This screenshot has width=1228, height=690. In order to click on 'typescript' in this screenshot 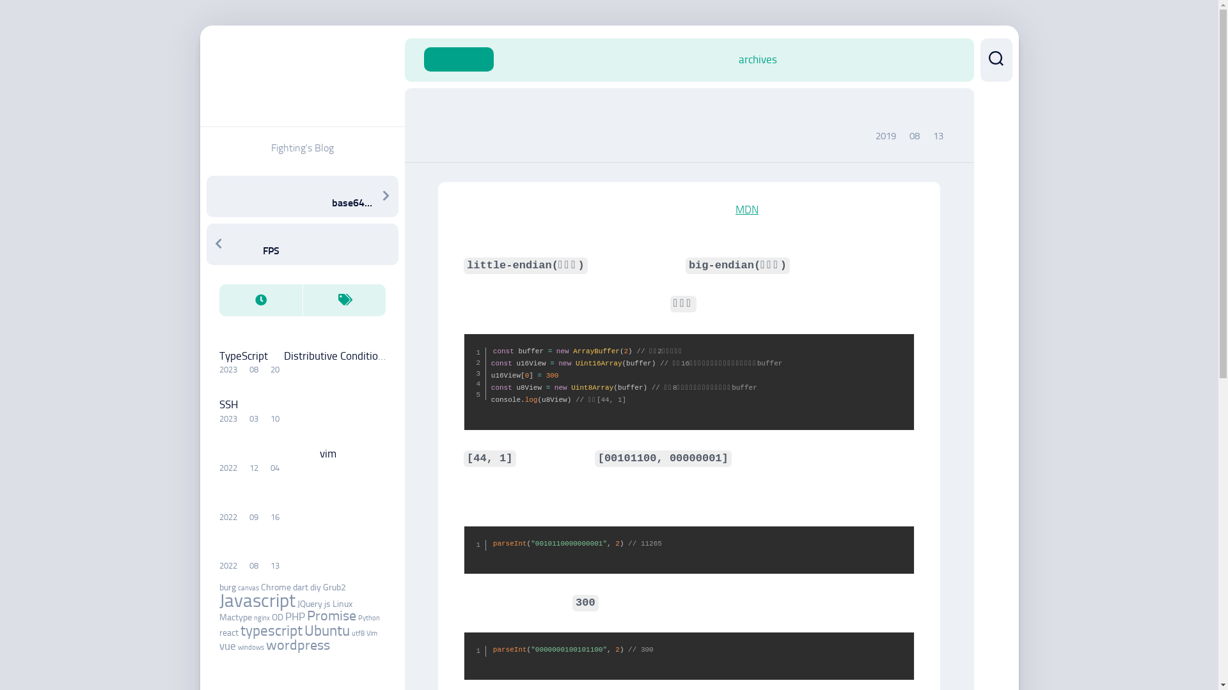, I will do `click(271, 630)`.